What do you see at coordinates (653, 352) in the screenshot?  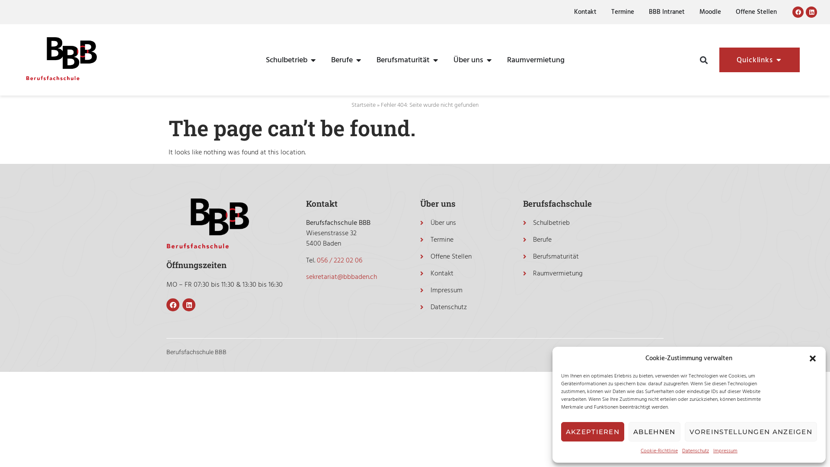 I see `'aretis.ch'` at bounding box center [653, 352].